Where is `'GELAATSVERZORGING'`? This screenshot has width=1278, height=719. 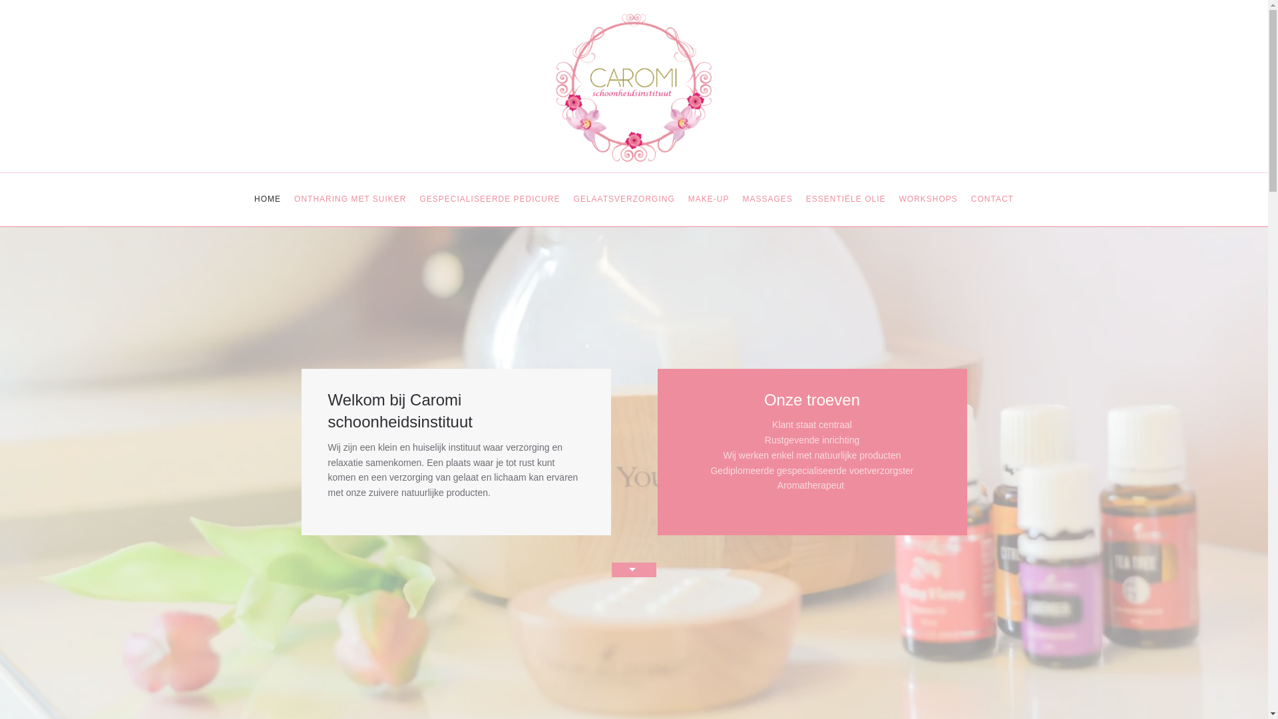 'GELAATSVERZORGING' is located at coordinates (623, 200).